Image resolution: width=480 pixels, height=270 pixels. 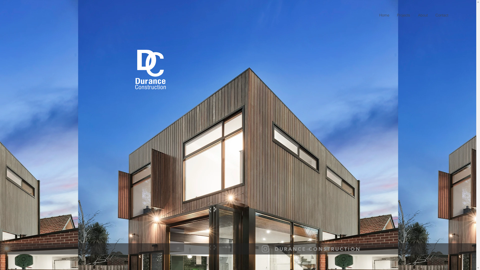 What do you see at coordinates (375, 15) in the screenshot?
I see `'Home'` at bounding box center [375, 15].